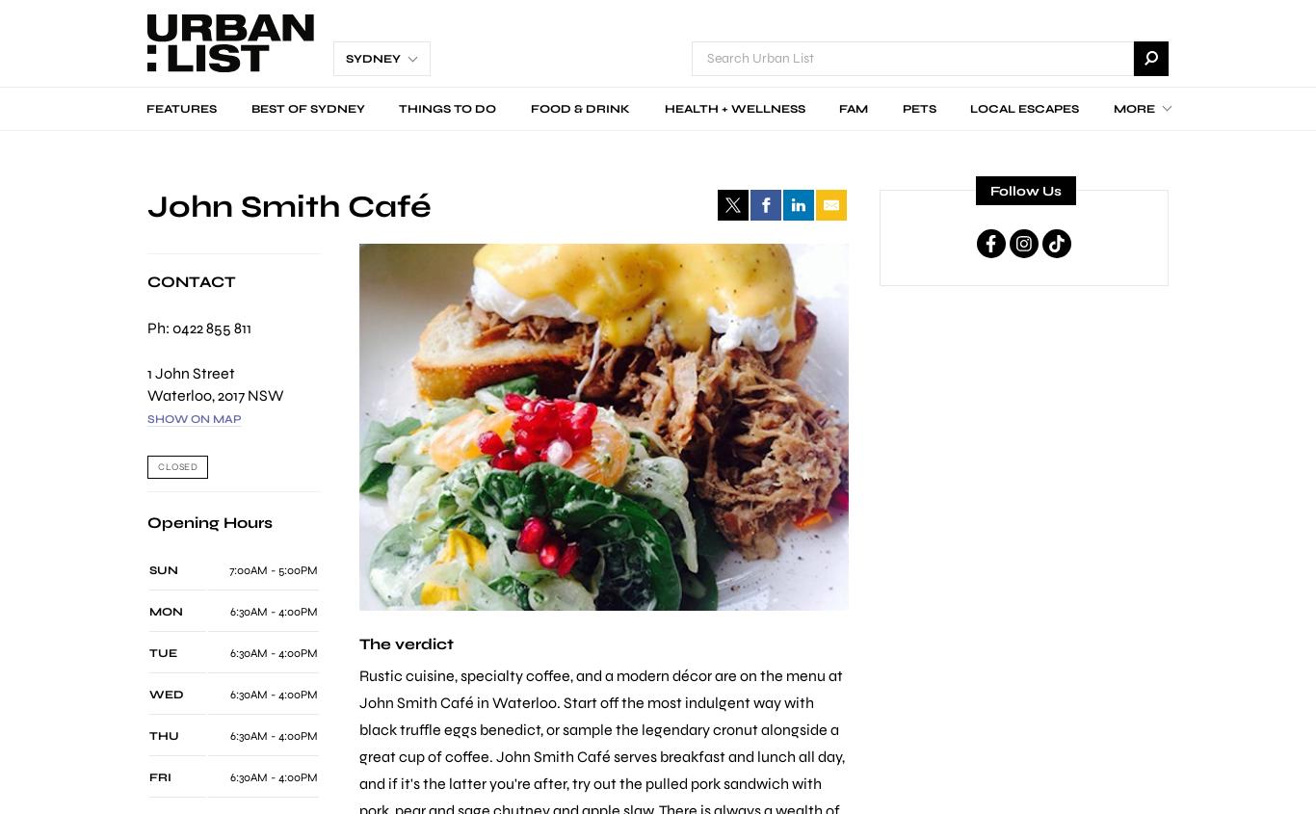  Describe the element at coordinates (306, 108) in the screenshot. I see `'Best Of Sydney'` at that location.